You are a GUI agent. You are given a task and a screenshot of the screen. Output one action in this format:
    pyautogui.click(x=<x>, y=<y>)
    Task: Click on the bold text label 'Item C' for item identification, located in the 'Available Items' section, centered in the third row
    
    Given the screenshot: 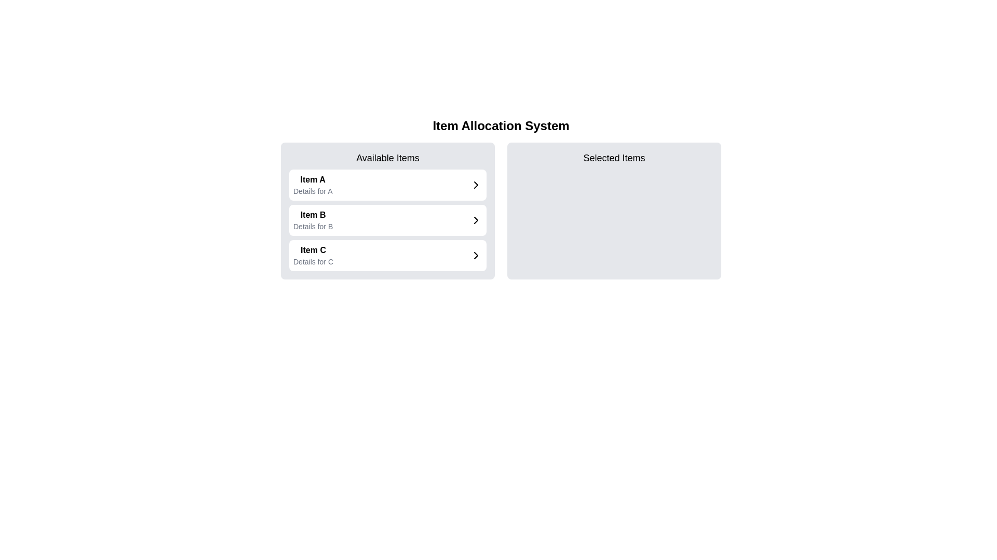 What is the action you would take?
    pyautogui.click(x=313, y=250)
    